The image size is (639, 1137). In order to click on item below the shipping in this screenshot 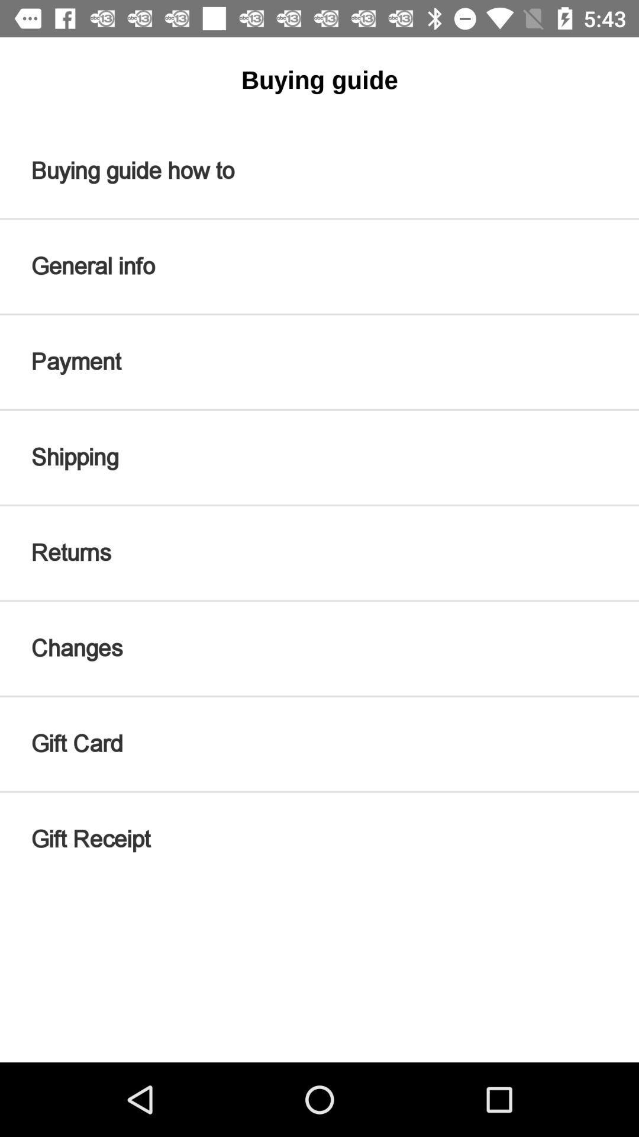, I will do `click(319, 553)`.